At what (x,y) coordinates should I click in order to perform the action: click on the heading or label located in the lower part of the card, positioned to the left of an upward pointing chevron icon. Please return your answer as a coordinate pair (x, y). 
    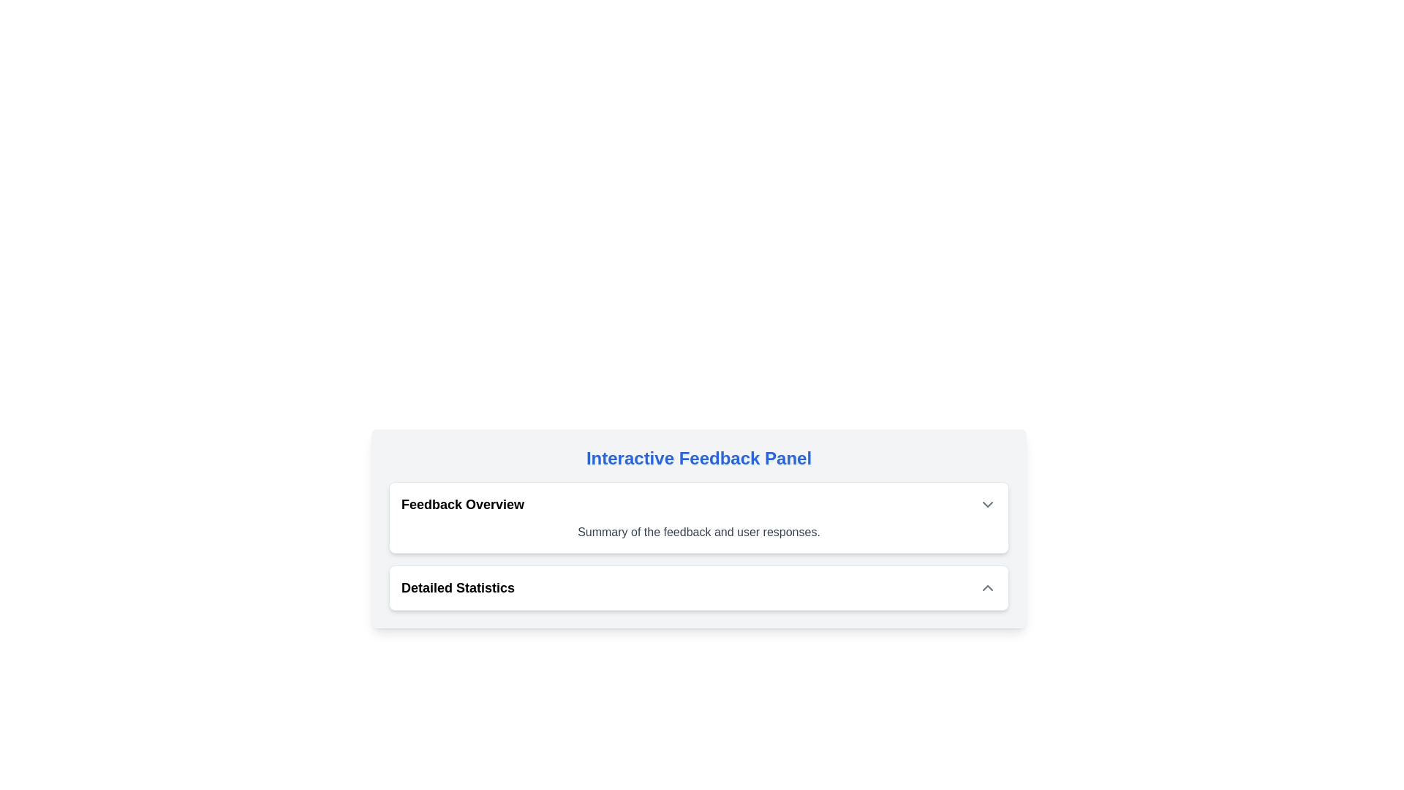
    Looking at the image, I should click on (457, 587).